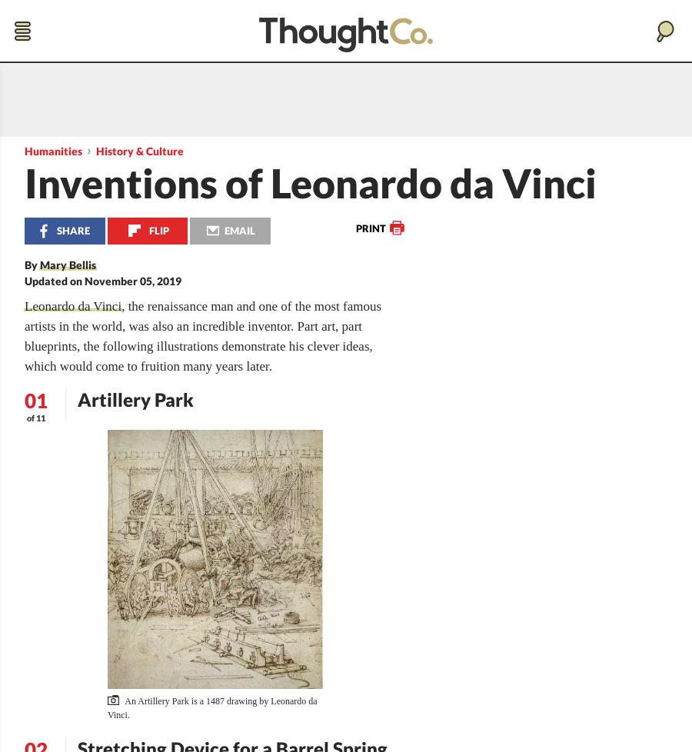 The height and width of the screenshot is (752, 692). What do you see at coordinates (138, 151) in the screenshot?
I see `'History & Culture'` at bounding box center [138, 151].